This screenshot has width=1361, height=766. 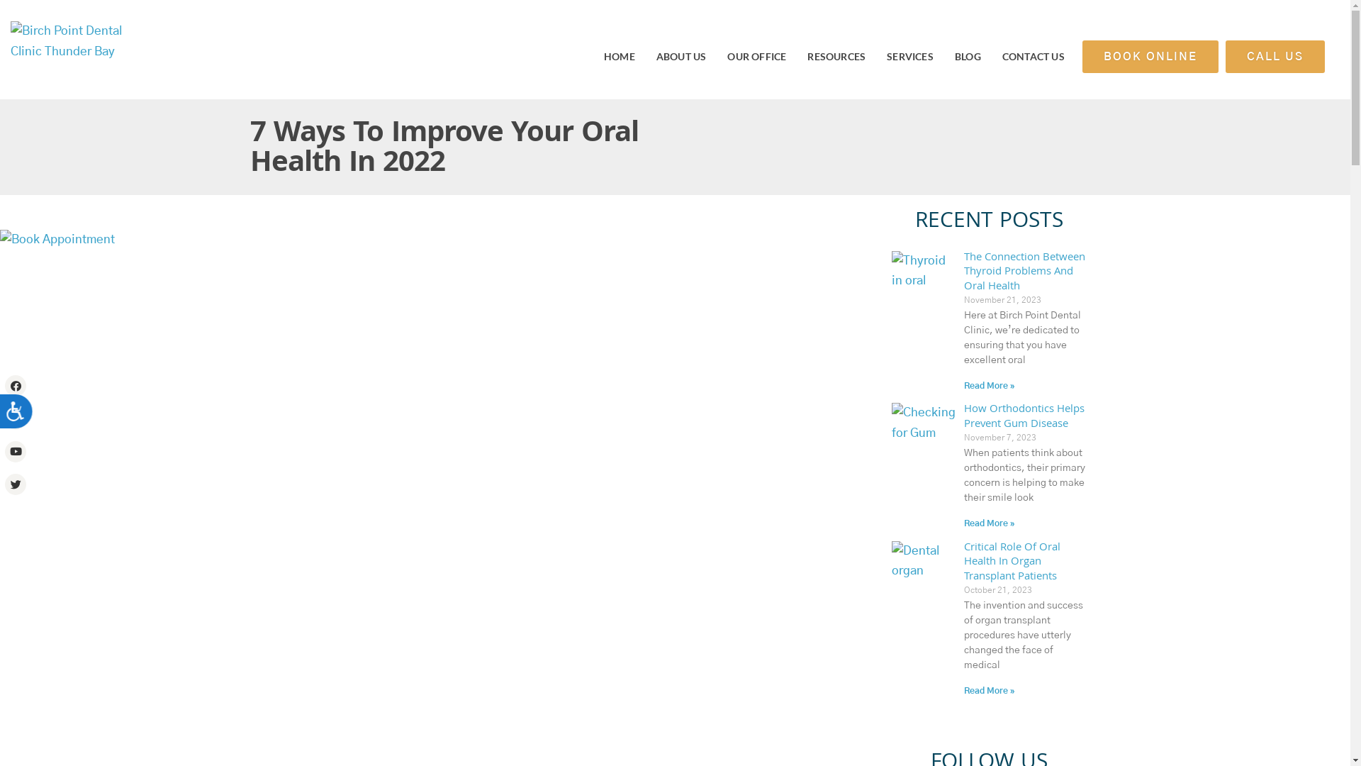 What do you see at coordinates (836, 55) in the screenshot?
I see `'RESOURCES'` at bounding box center [836, 55].